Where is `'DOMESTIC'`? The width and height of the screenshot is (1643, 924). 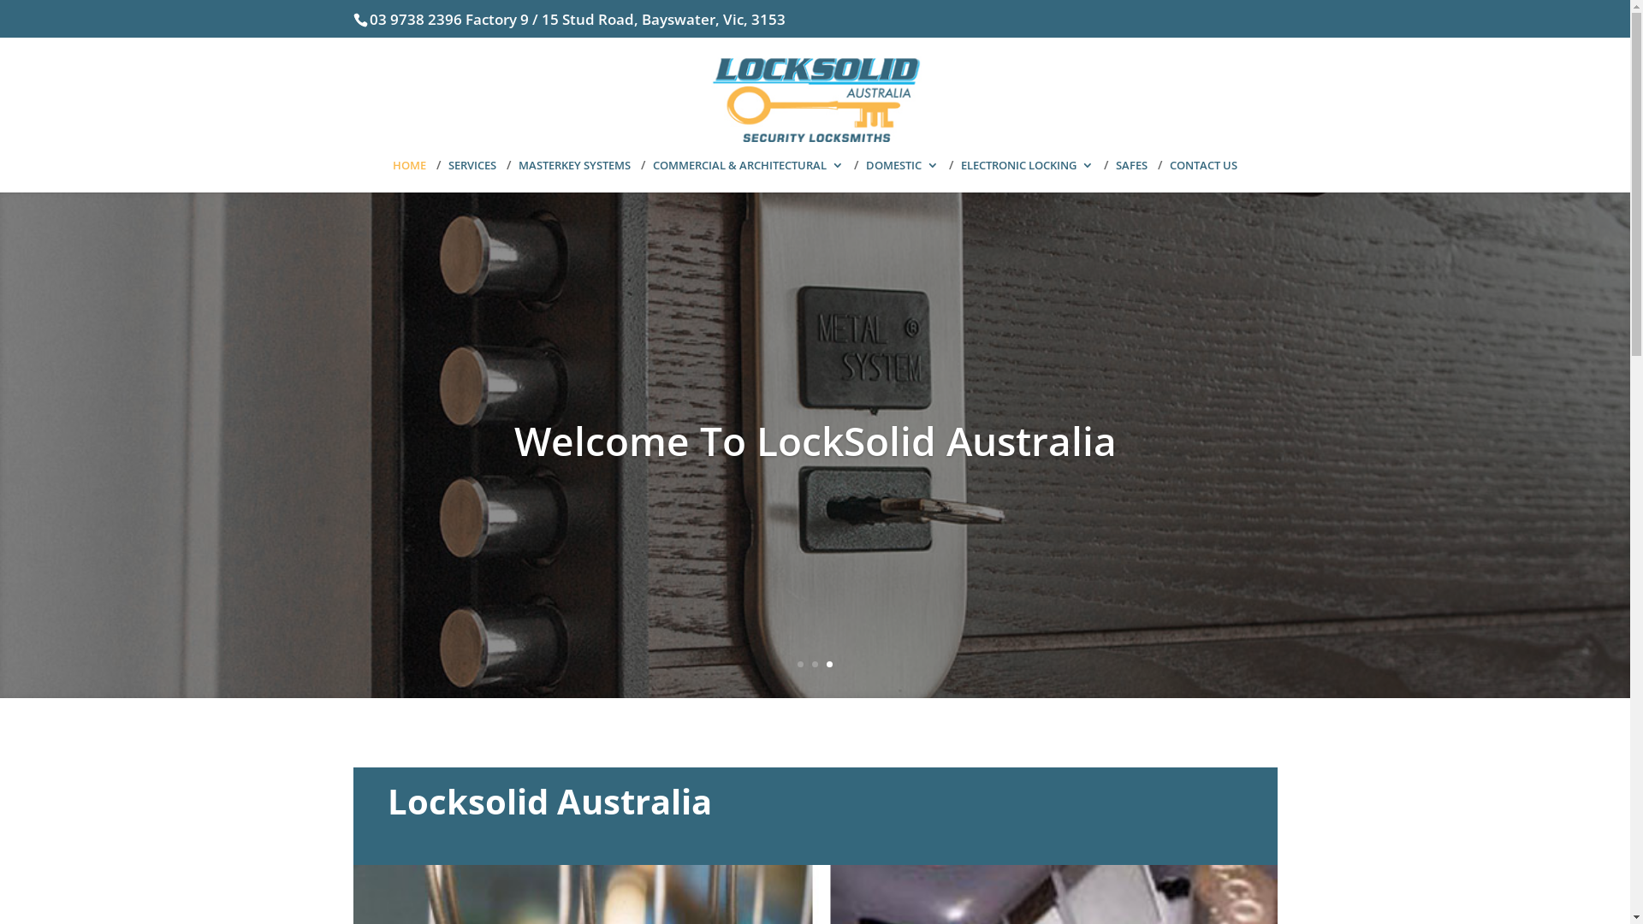
'DOMESTIC' is located at coordinates (901, 175).